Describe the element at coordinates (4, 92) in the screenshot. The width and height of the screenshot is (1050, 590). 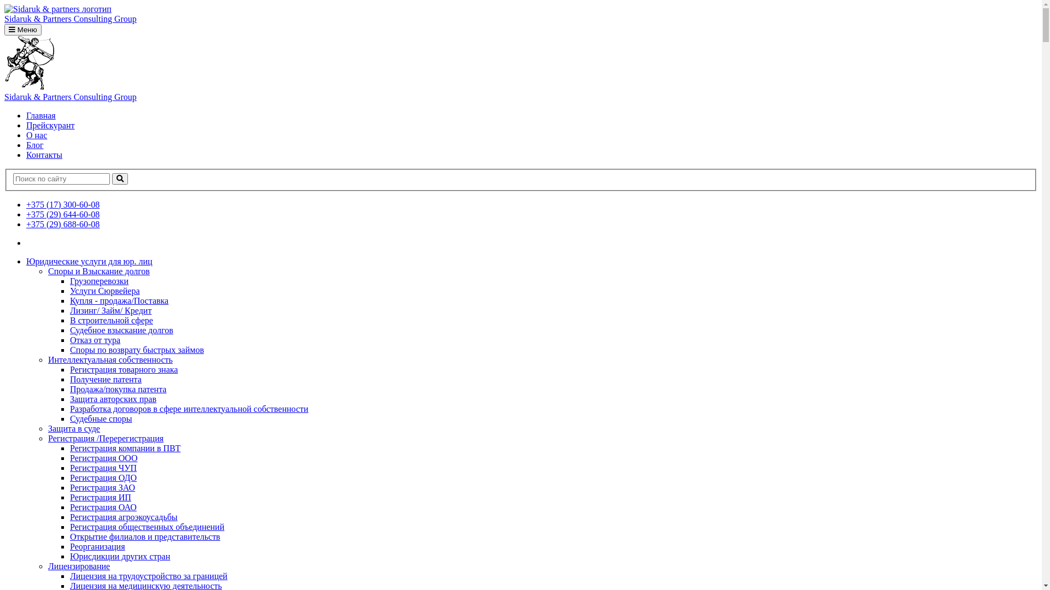
I see `'Sidaruk & Partners Consulting Group'` at that location.